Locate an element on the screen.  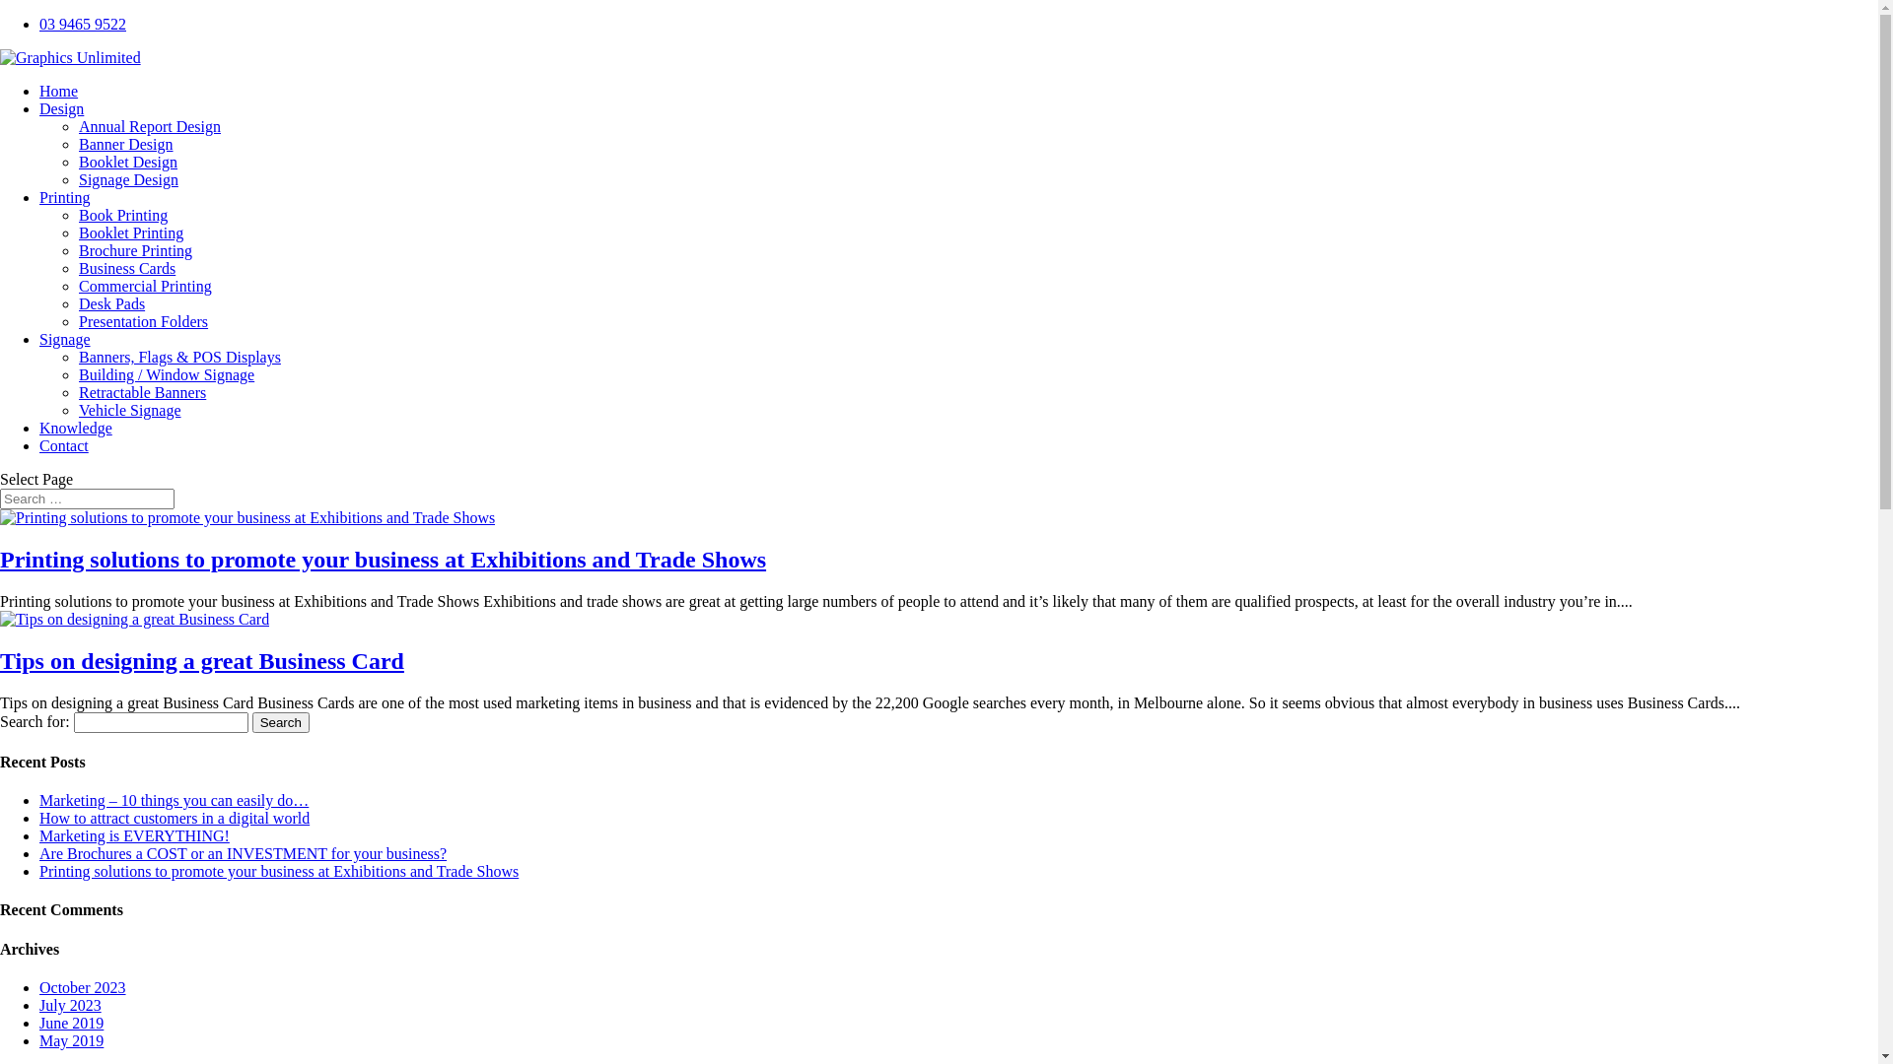
'Banner Design' is located at coordinates (125, 143).